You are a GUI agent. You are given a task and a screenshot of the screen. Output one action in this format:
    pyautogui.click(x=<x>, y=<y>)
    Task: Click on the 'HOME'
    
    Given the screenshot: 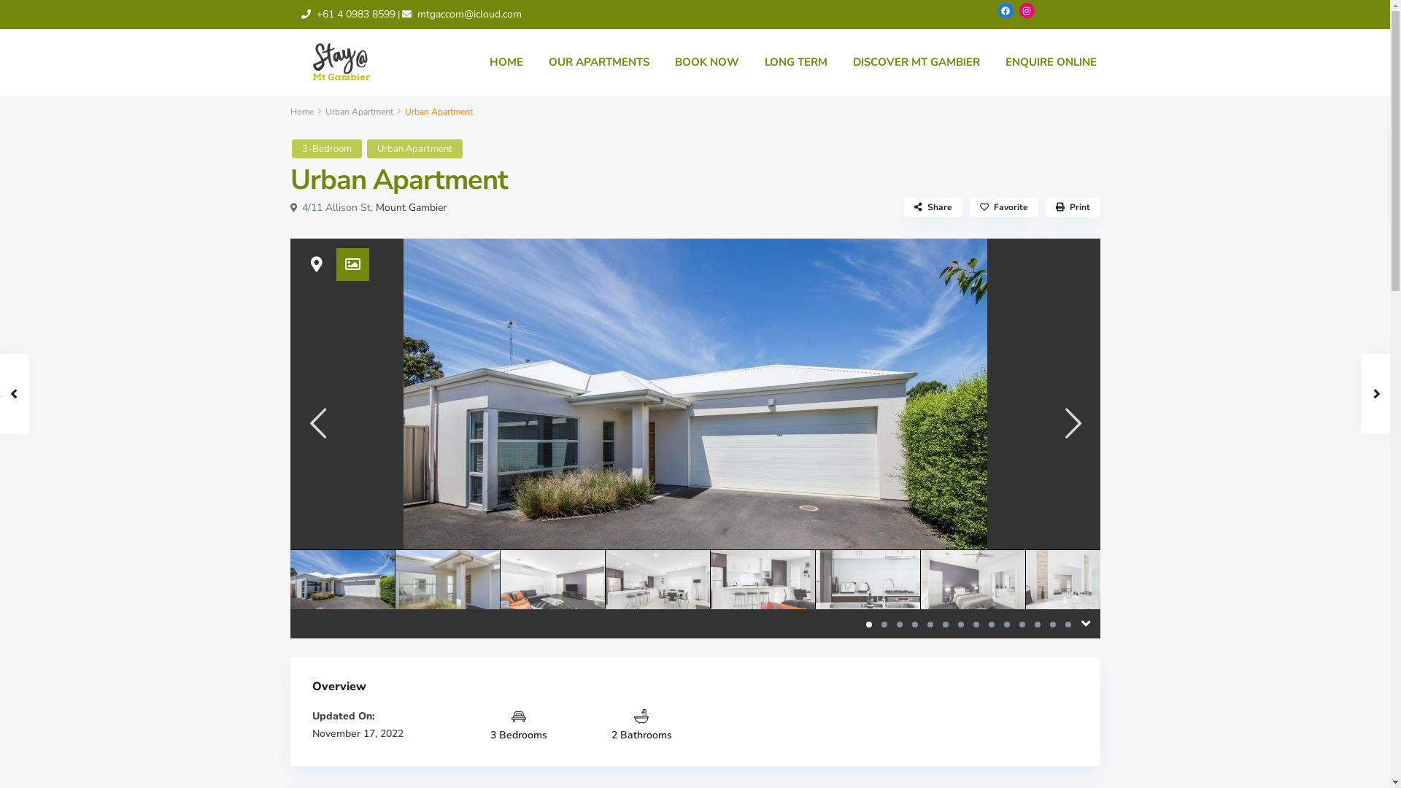 What is the action you would take?
    pyautogui.click(x=506, y=61)
    